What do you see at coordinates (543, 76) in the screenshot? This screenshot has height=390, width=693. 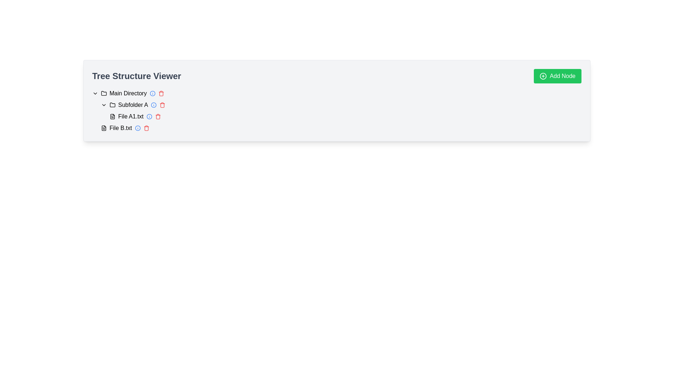 I see `the circular icon located within the green 'Add Node' button on the rightmost part of the interface` at bounding box center [543, 76].